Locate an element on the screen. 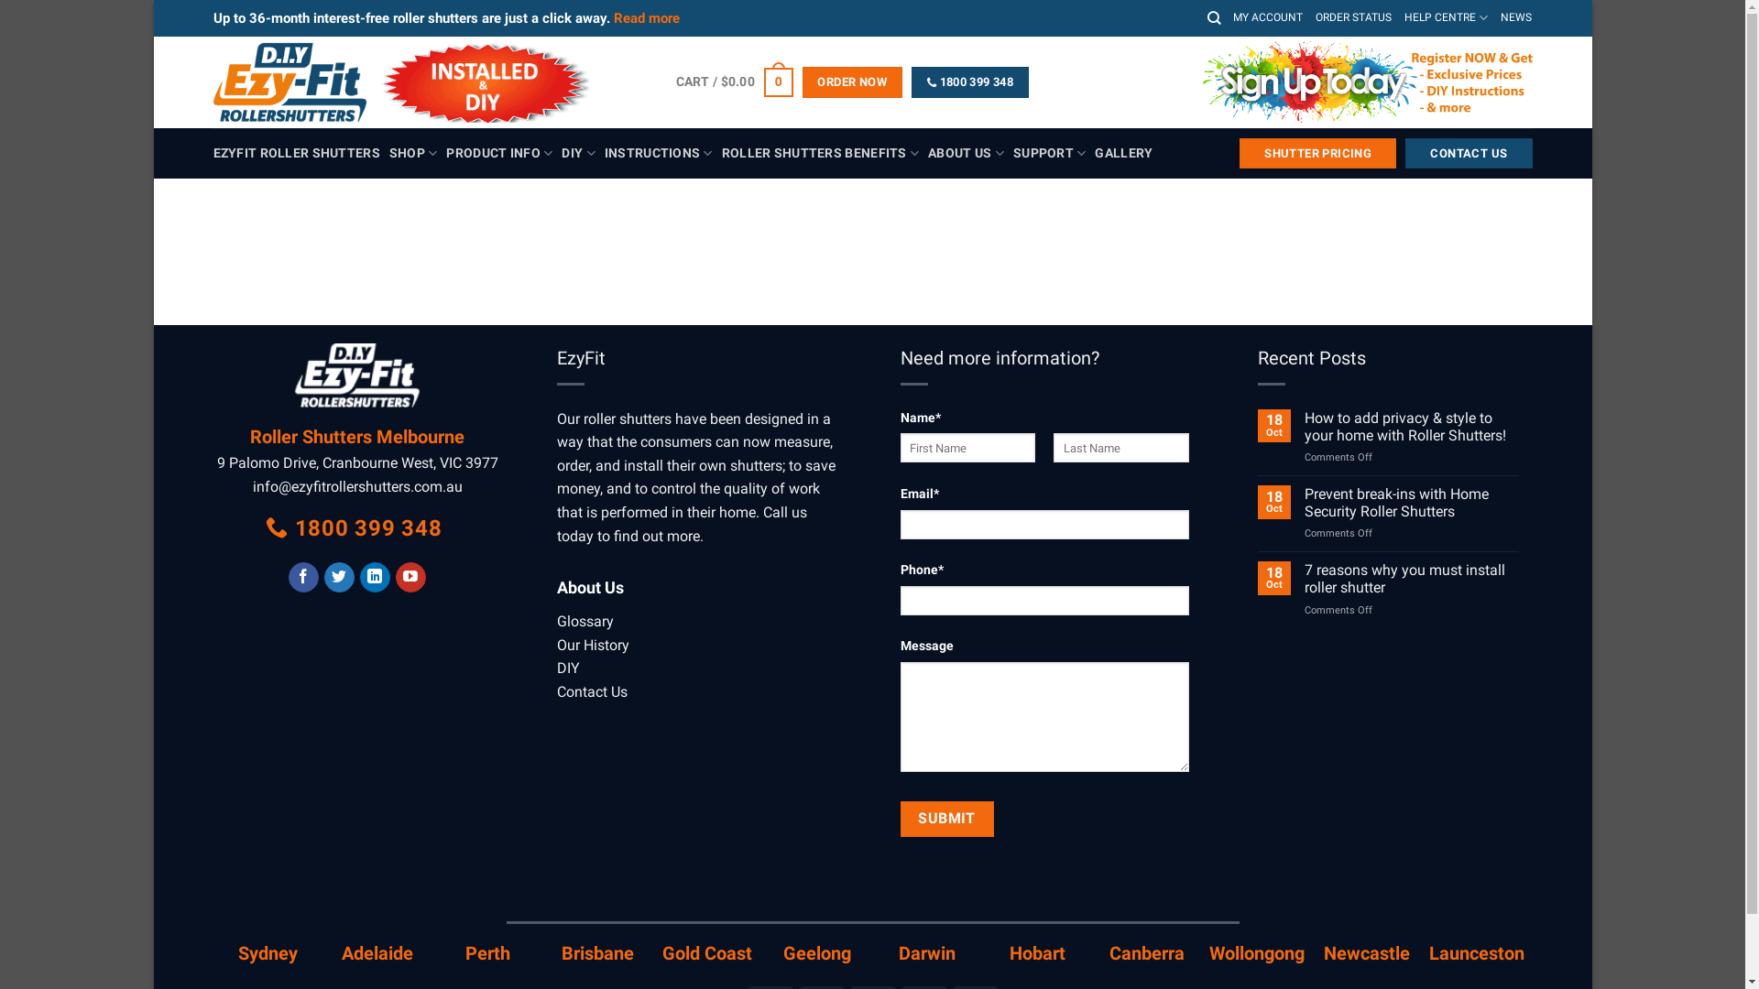  'Darwin' is located at coordinates (898, 952).